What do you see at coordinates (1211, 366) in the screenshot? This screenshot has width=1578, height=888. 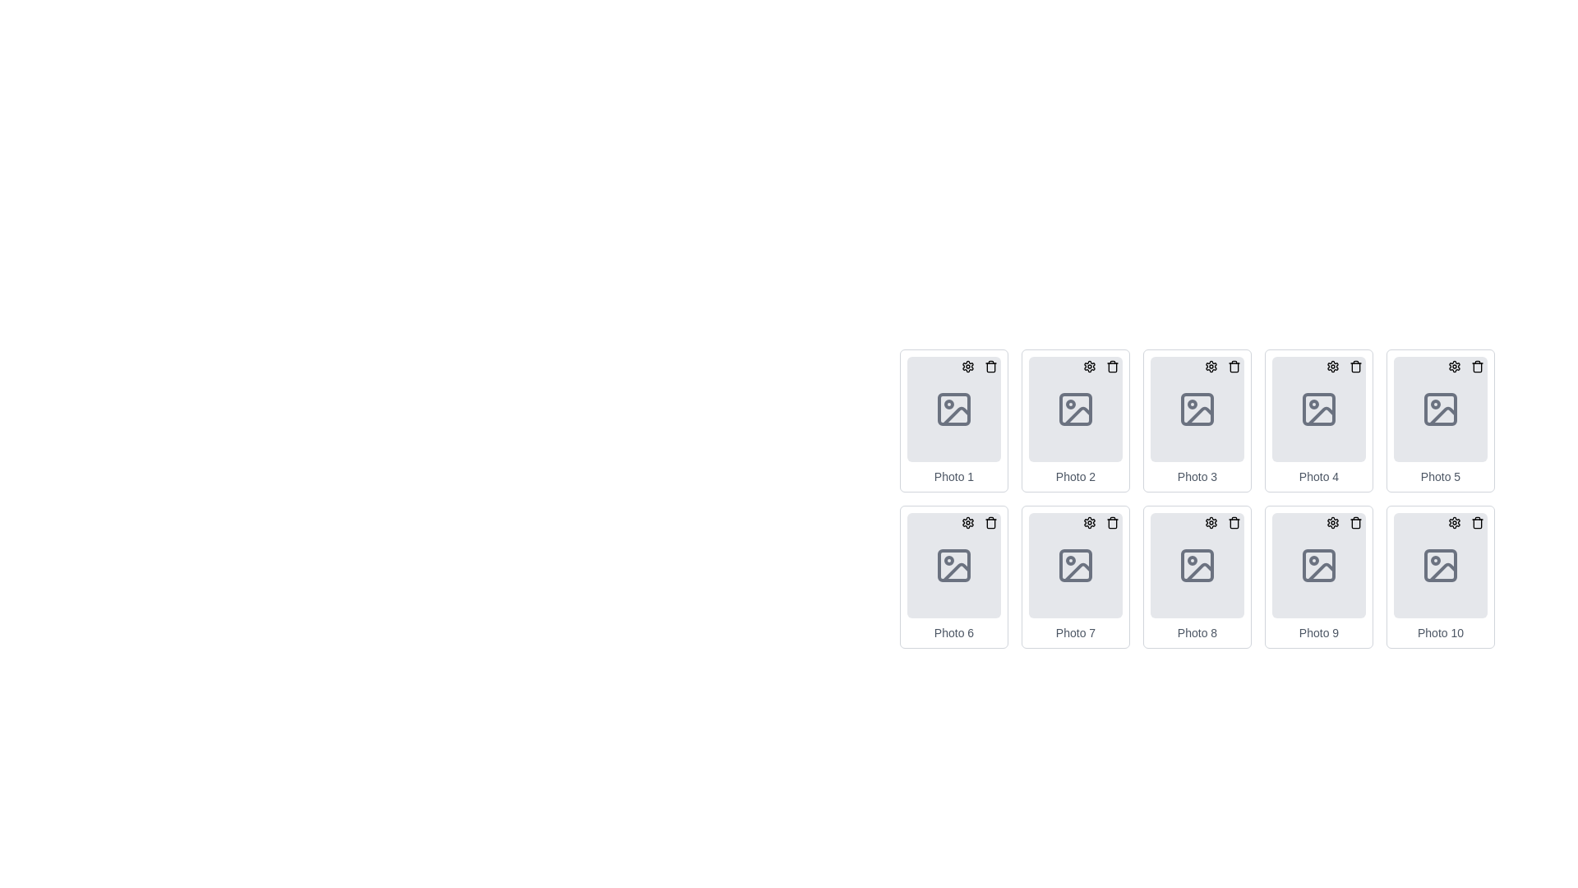 I see `the Settings Icon located in the top right corner of the third item in the first row of the grid, which is used to invoke configuration options` at bounding box center [1211, 366].